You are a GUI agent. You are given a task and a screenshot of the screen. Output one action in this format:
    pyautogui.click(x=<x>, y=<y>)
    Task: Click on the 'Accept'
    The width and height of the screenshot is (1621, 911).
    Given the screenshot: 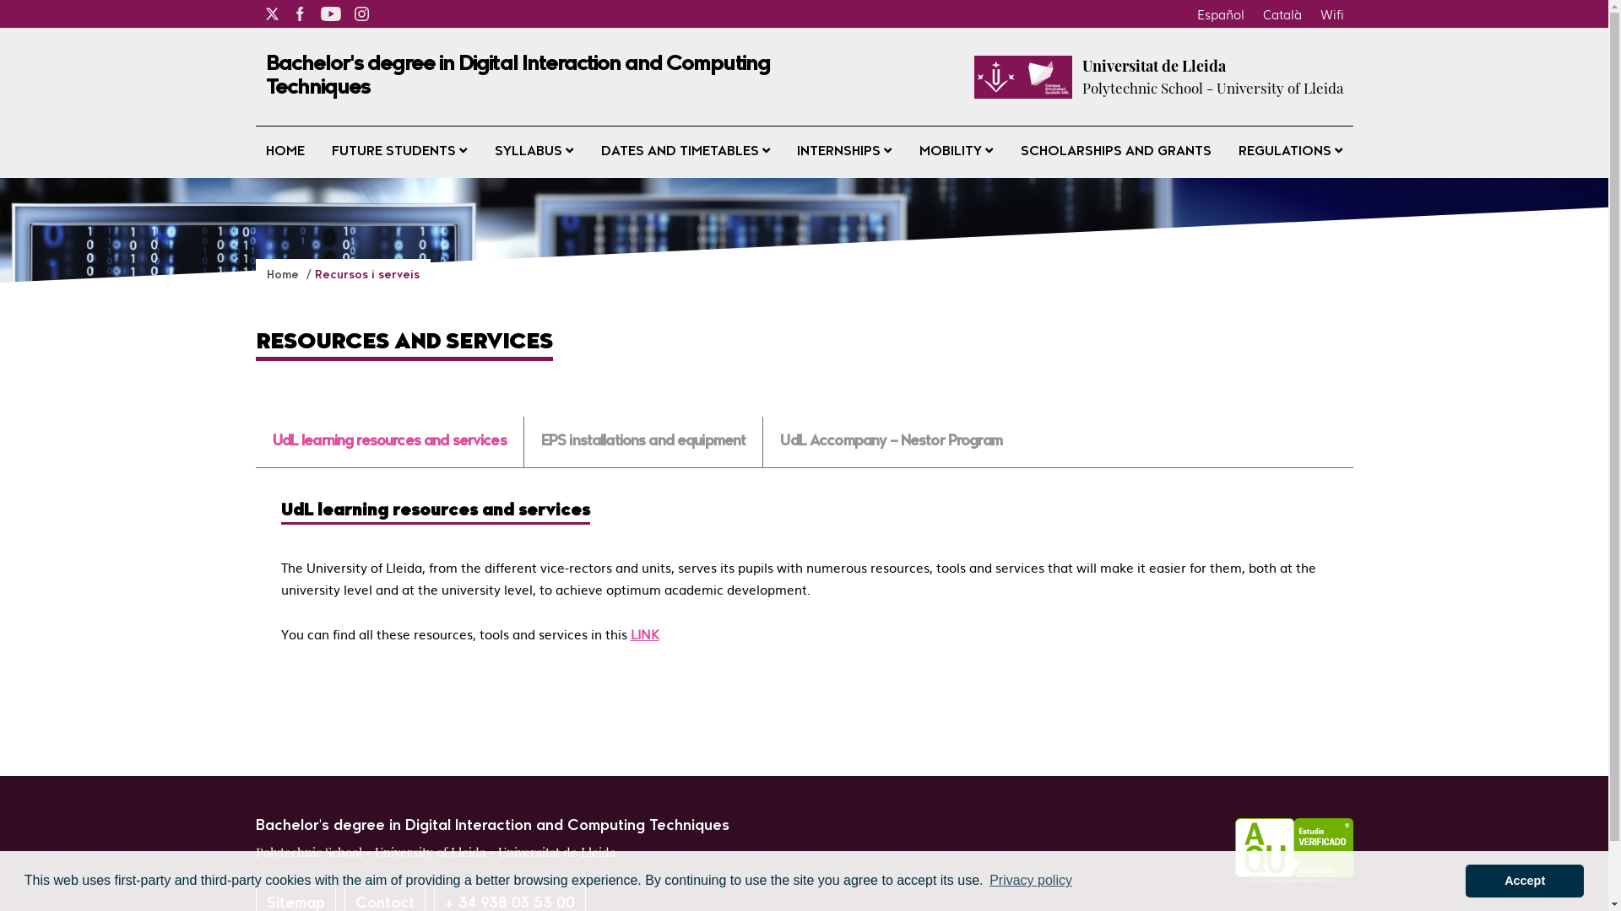 What is the action you would take?
    pyautogui.click(x=1465, y=880)
    